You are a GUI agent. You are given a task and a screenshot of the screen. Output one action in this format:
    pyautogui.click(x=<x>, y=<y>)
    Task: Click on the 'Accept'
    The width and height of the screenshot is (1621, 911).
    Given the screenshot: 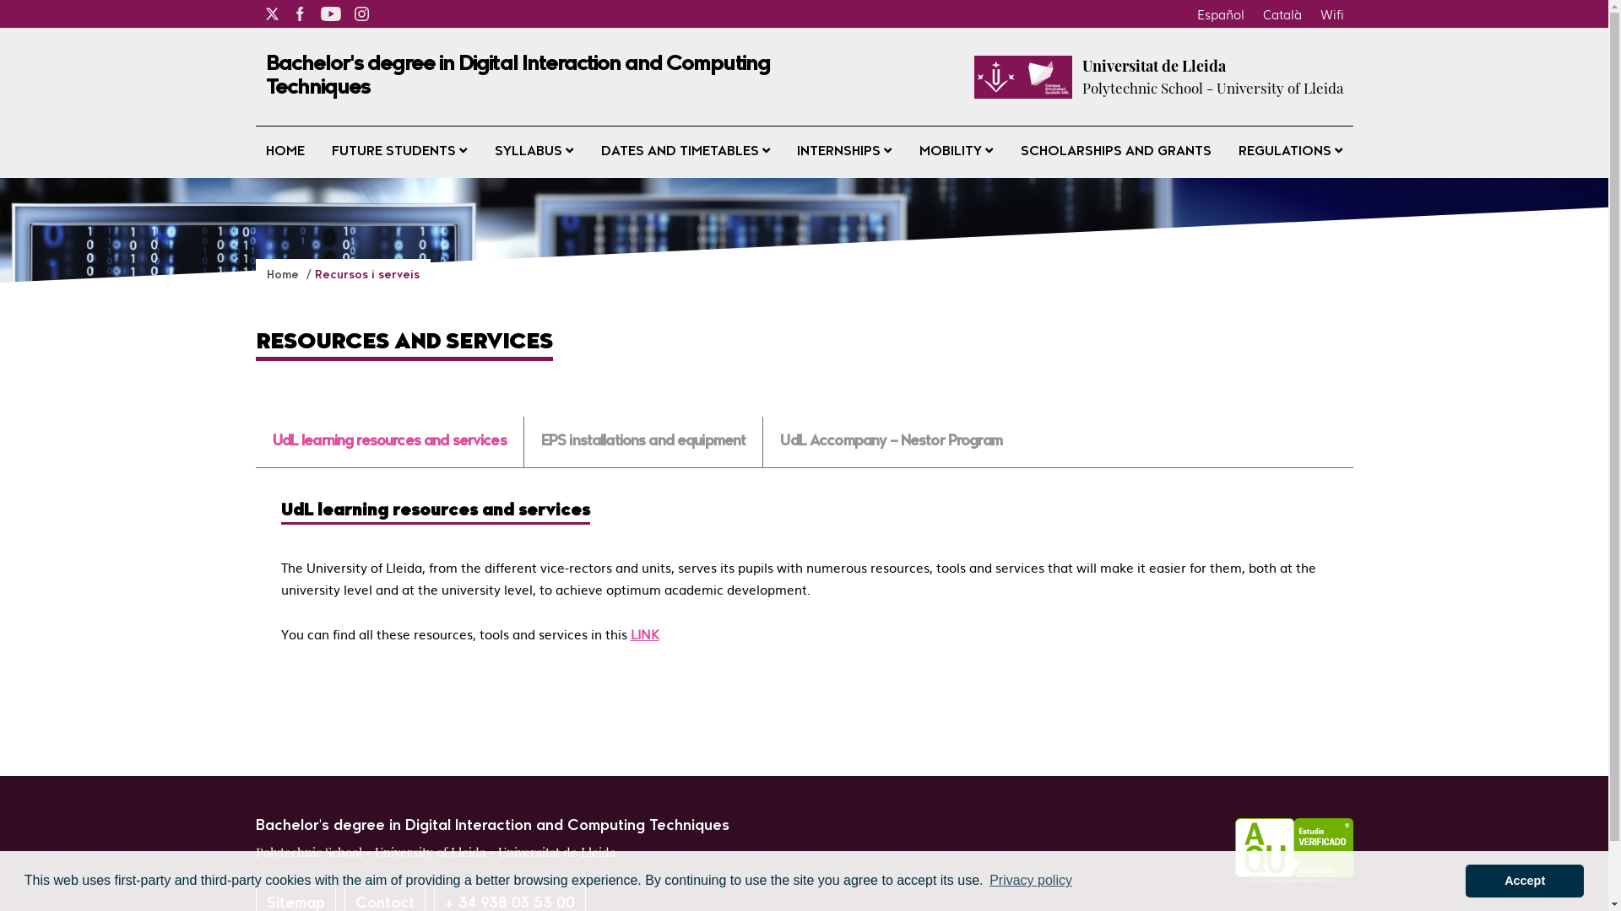 What is the action you would take?
    pyautogui.click(x=1465, y=880)
    